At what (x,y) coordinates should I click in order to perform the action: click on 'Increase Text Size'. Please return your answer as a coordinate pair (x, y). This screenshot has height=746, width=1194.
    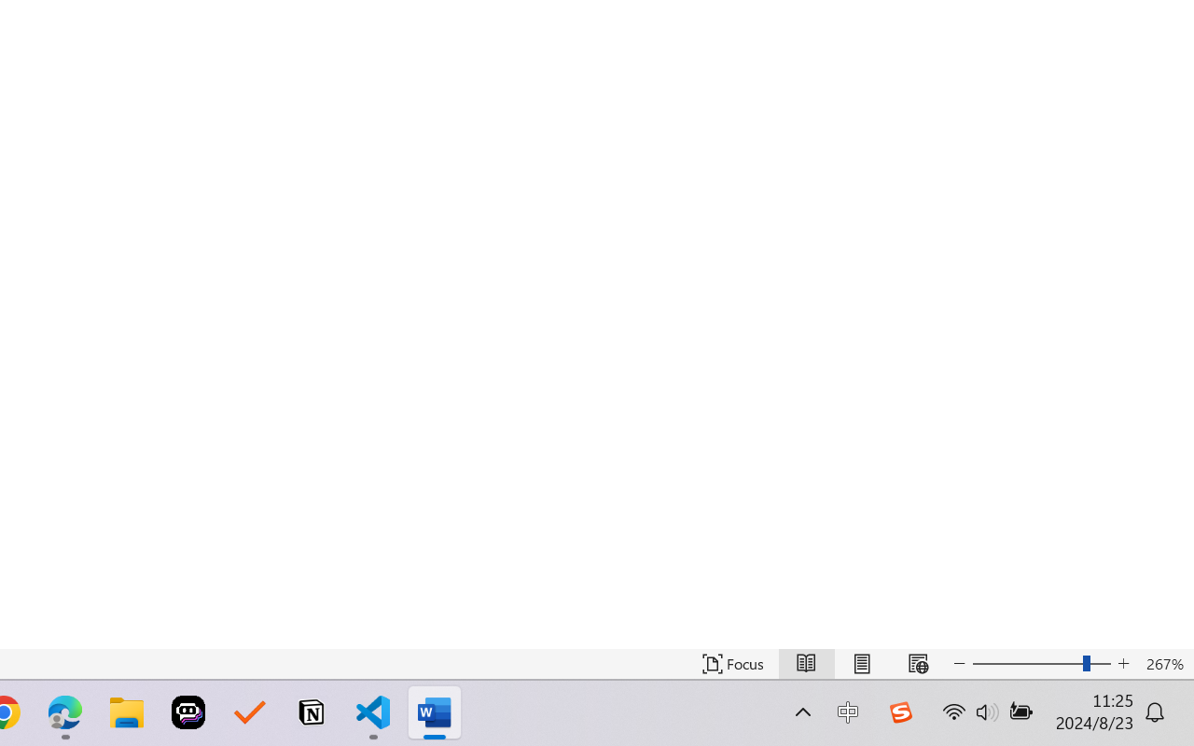
    Looking at the image, I should click on (1123, 663).